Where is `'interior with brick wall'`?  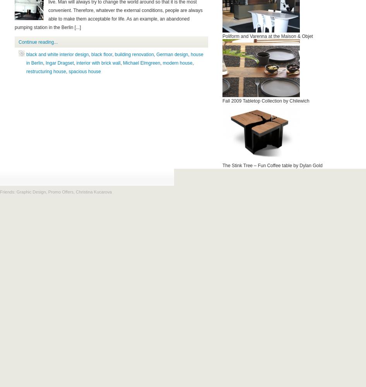
'interior with brick wall' is located at coordinates (98, 63).